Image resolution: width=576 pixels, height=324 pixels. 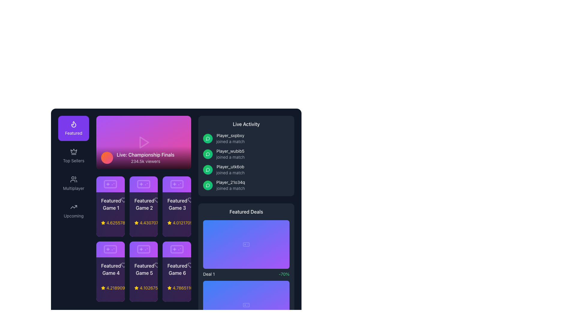 I want to click on the descriptive Text label located below the 'Player_wubib5' text in the 'Live Activity' panel, so click(x=230, y=157).